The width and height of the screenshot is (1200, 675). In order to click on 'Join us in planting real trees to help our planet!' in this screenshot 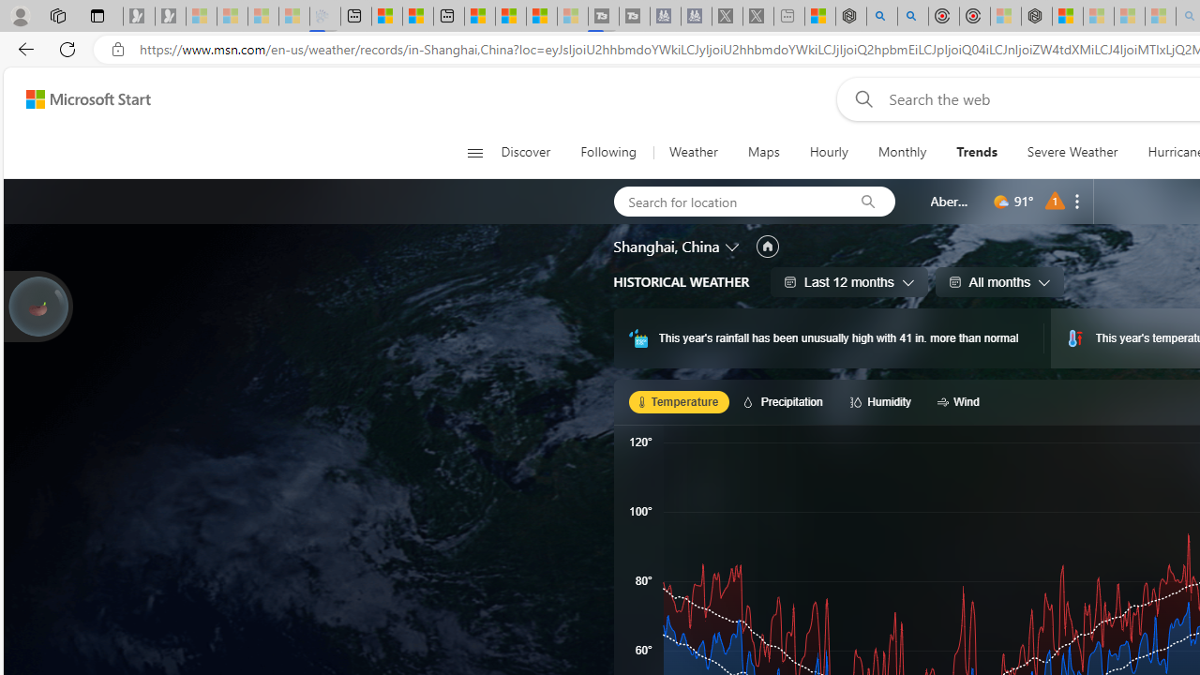, I will do `click(37, 306)`.